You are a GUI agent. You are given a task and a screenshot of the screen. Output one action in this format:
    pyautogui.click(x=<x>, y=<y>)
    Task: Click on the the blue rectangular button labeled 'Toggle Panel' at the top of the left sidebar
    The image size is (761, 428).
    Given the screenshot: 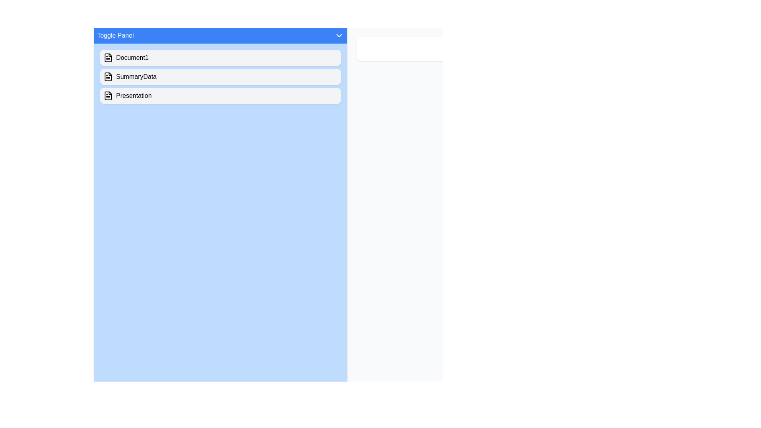 What is the action you would take?
    pyautogui.click(x=220, y=35)
    